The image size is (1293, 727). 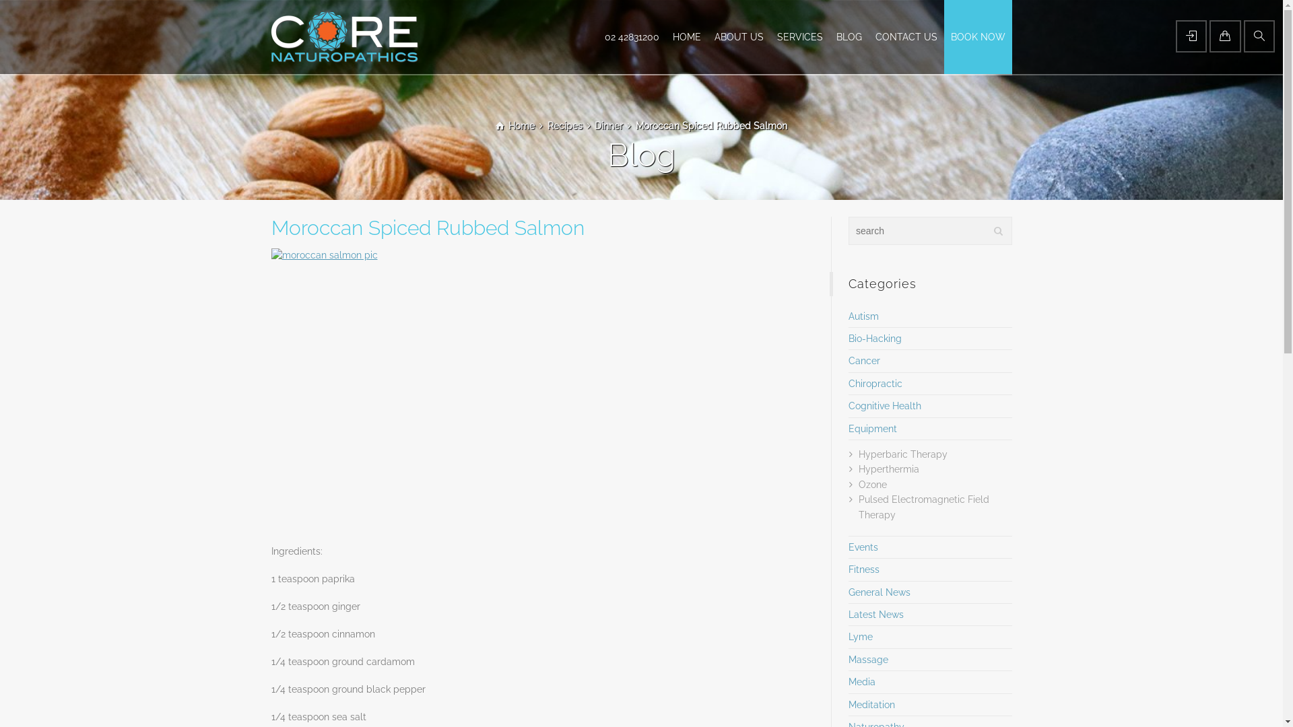 I want to click on 'General News', so click(x=879, y=591).